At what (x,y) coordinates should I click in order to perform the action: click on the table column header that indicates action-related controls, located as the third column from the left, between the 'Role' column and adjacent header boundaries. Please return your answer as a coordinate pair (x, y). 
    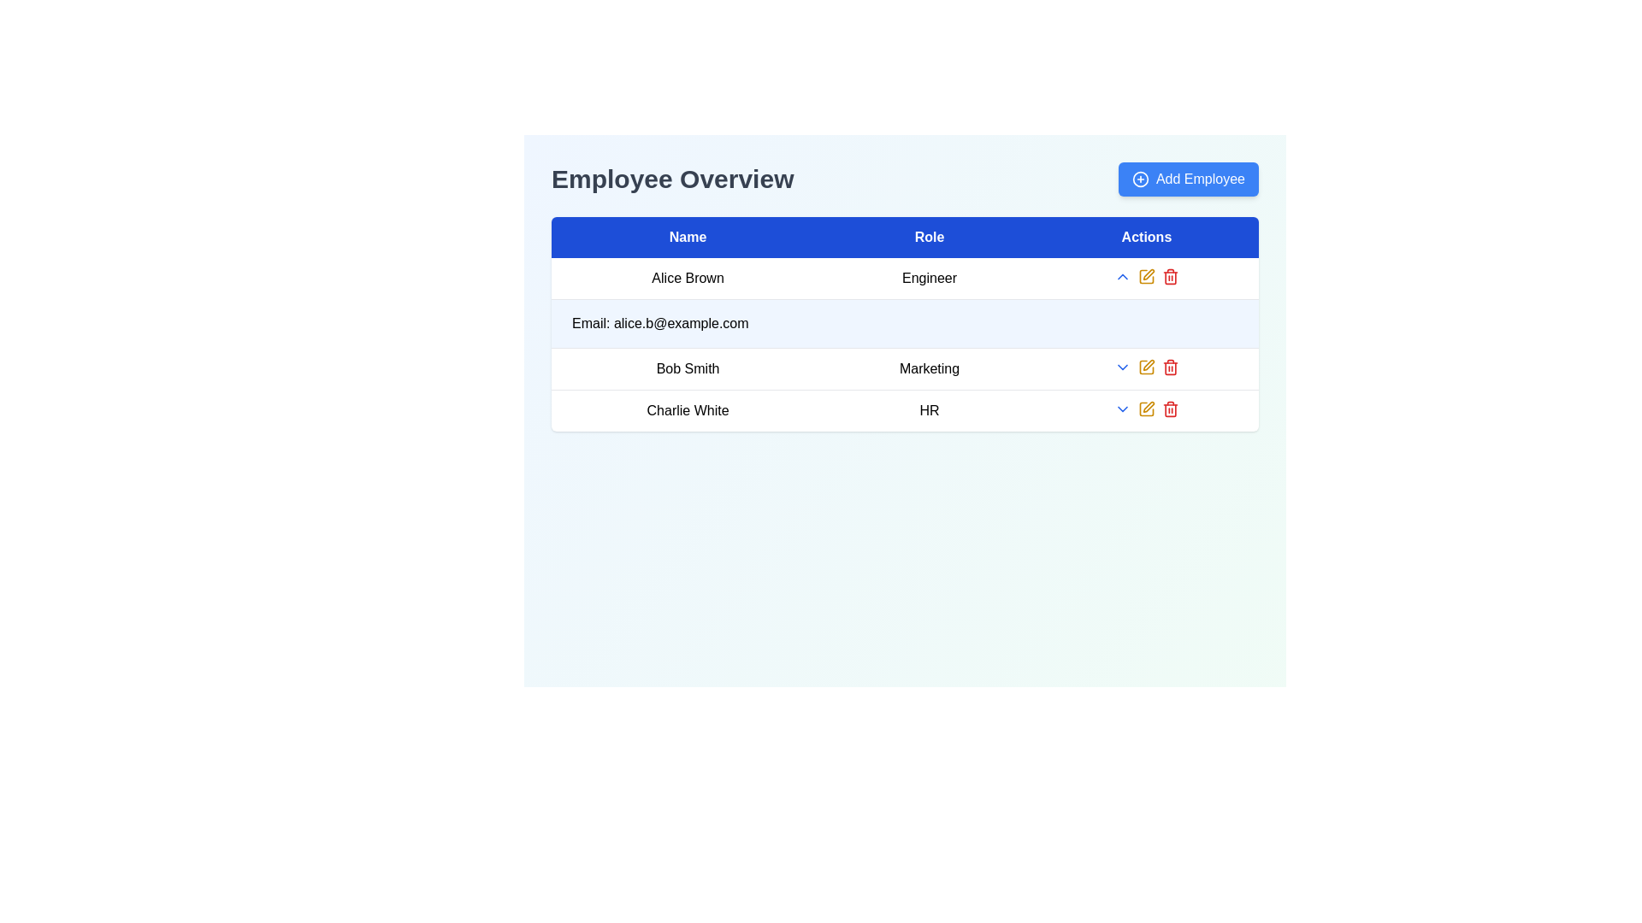
    Looking at the image, I should click on (1146, 237).